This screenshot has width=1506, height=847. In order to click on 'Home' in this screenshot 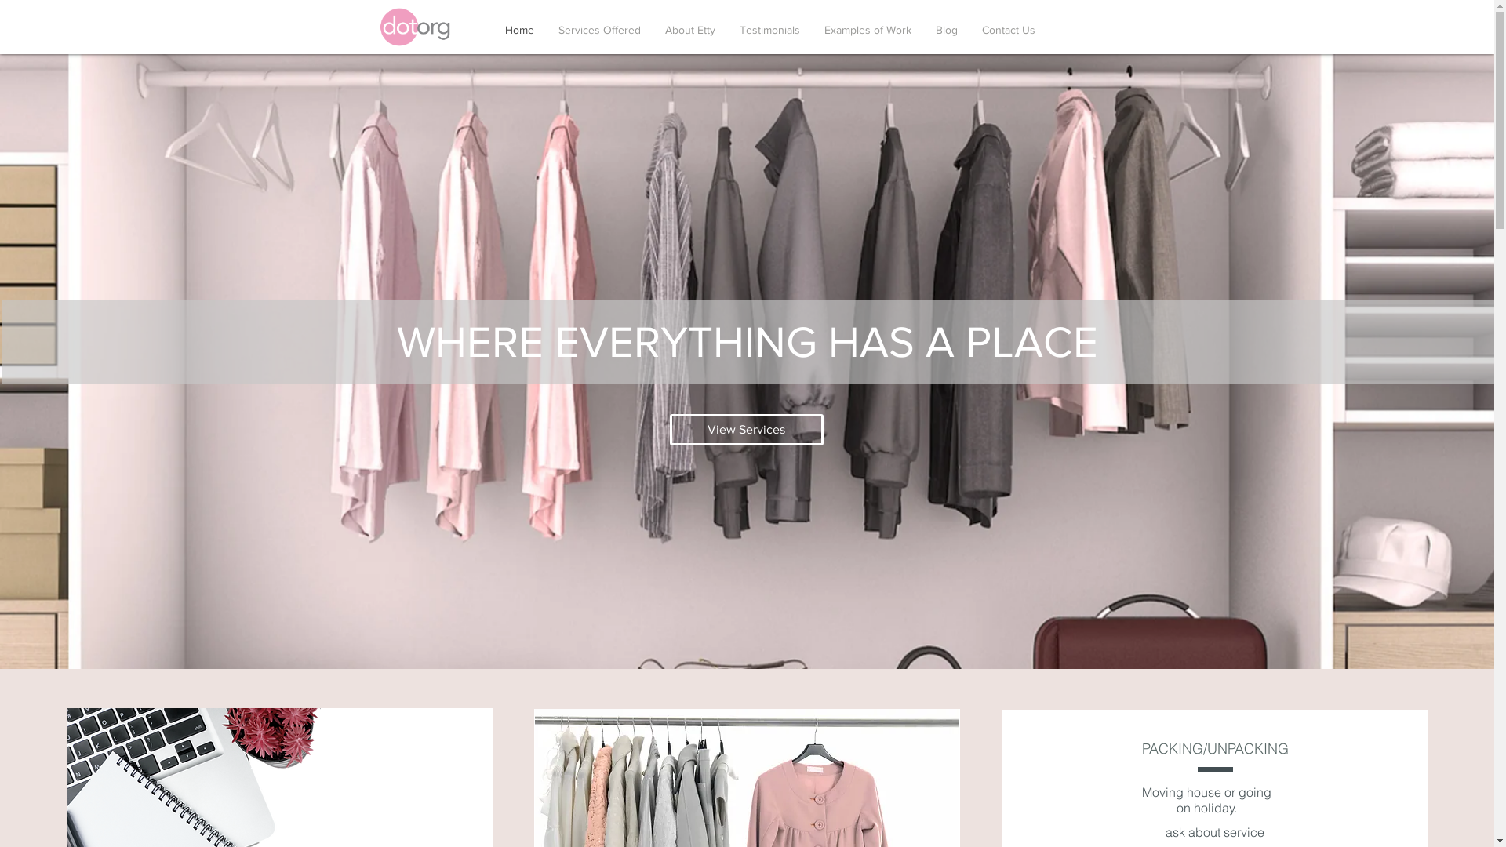, I will do `click(519, 30)`.